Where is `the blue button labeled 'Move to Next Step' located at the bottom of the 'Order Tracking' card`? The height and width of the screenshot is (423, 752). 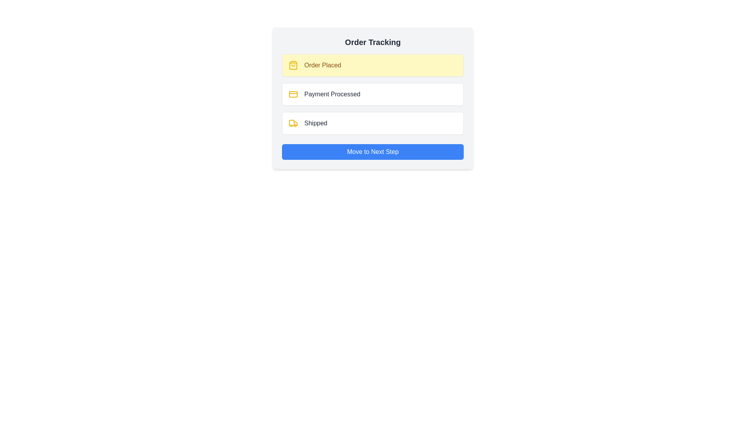
the blue button labeled 'Move to Next Step' located at the bottom of the 'Order Tracking' card is located at coordinates (372, 152).